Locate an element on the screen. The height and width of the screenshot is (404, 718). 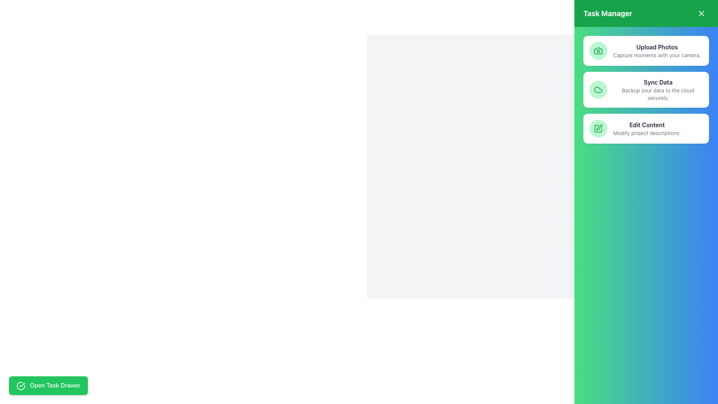
text label titled 'Modify project descriptions' located in the third section of the 'Task Manager' panel is located at coordinates (647, 125).